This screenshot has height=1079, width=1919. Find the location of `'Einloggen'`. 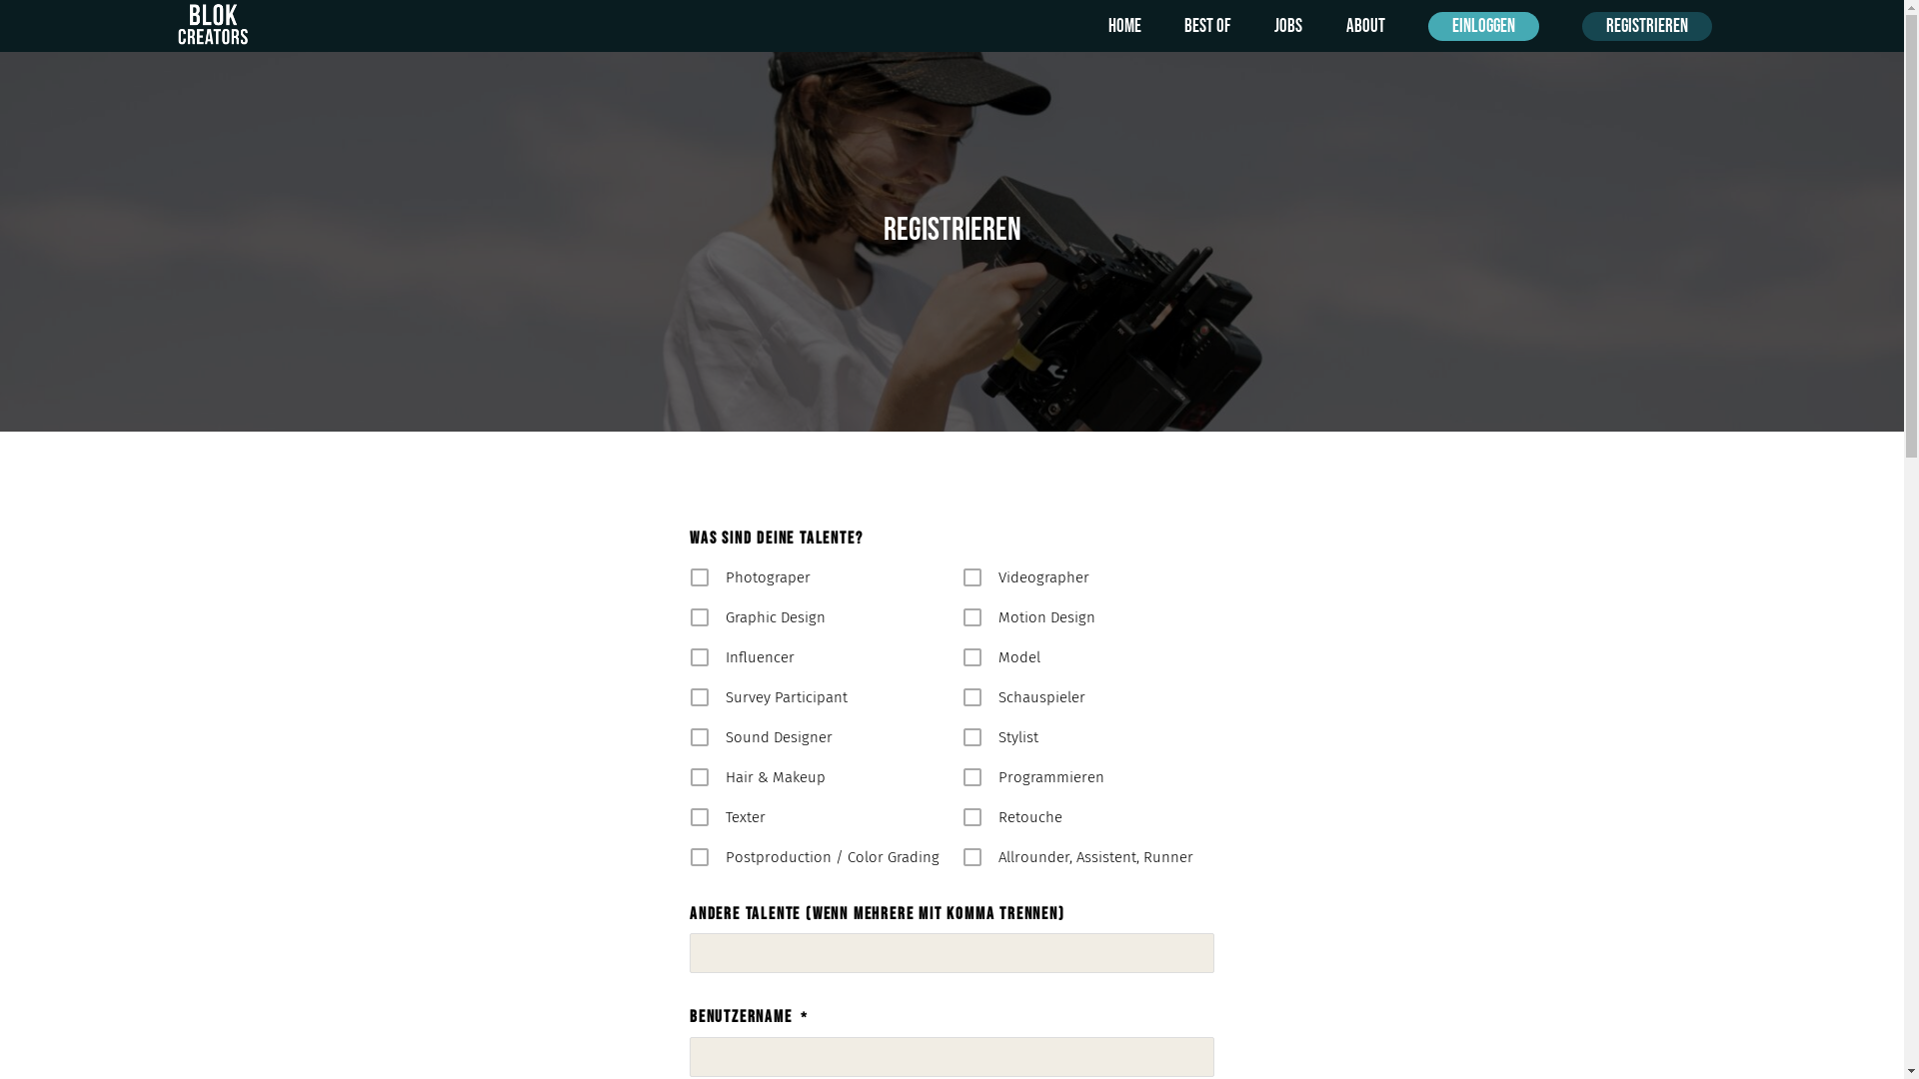

'Einloggen' is located at coordinates (1483, 26).